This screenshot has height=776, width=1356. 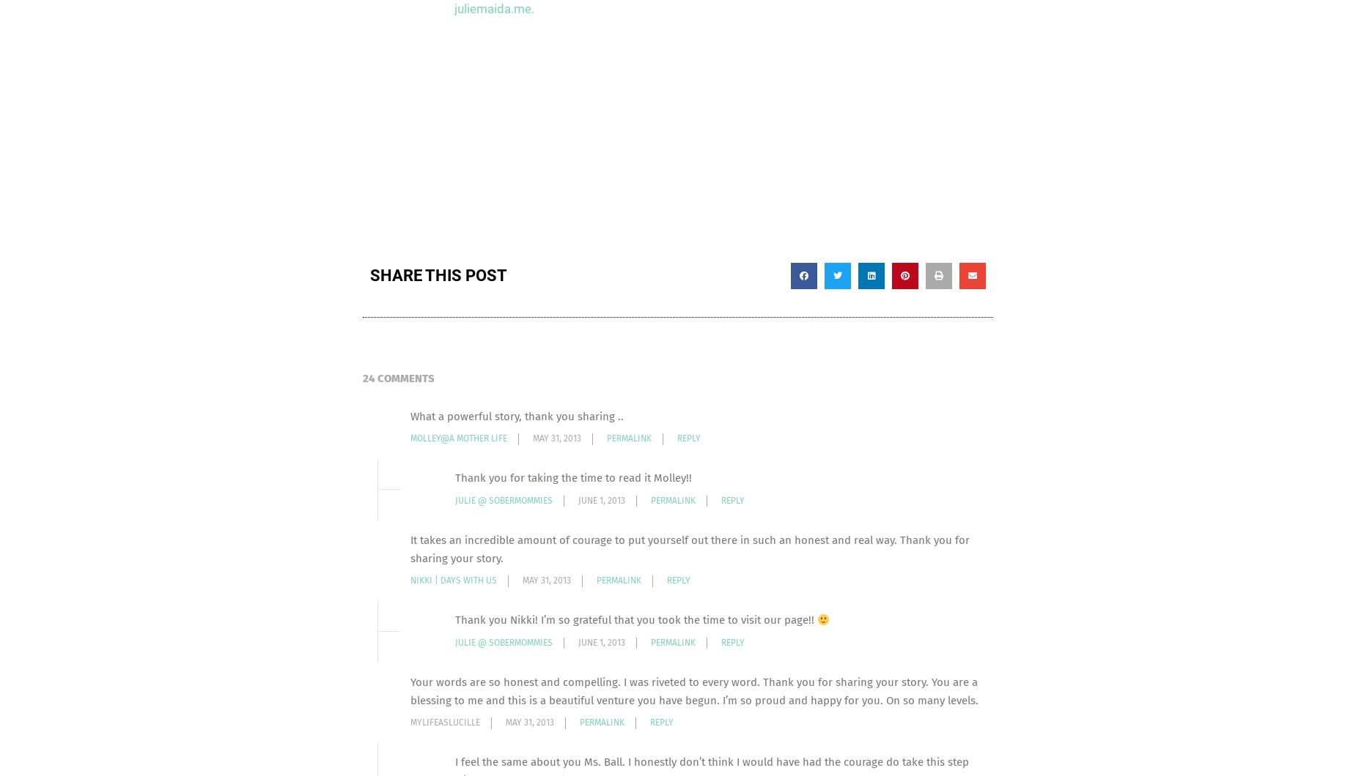 What do you see at coordinates (454, 8) in the screenshot?
I see `'juliemaida.me.'` at bounding box center [454, 8].